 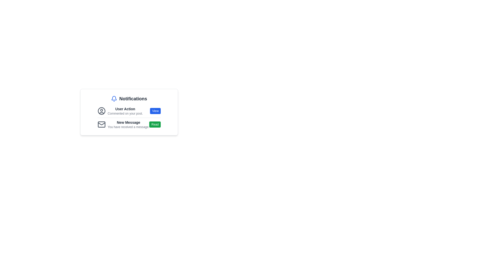 What do you see at coordinates (129, 99) in the screenshot?
I see `the Label with an icon that indicates the section content related to notifications, which is located at the topmost item of the card layout, above 'User Action' and 'New Message' sections` at bounding box center [129, 99].